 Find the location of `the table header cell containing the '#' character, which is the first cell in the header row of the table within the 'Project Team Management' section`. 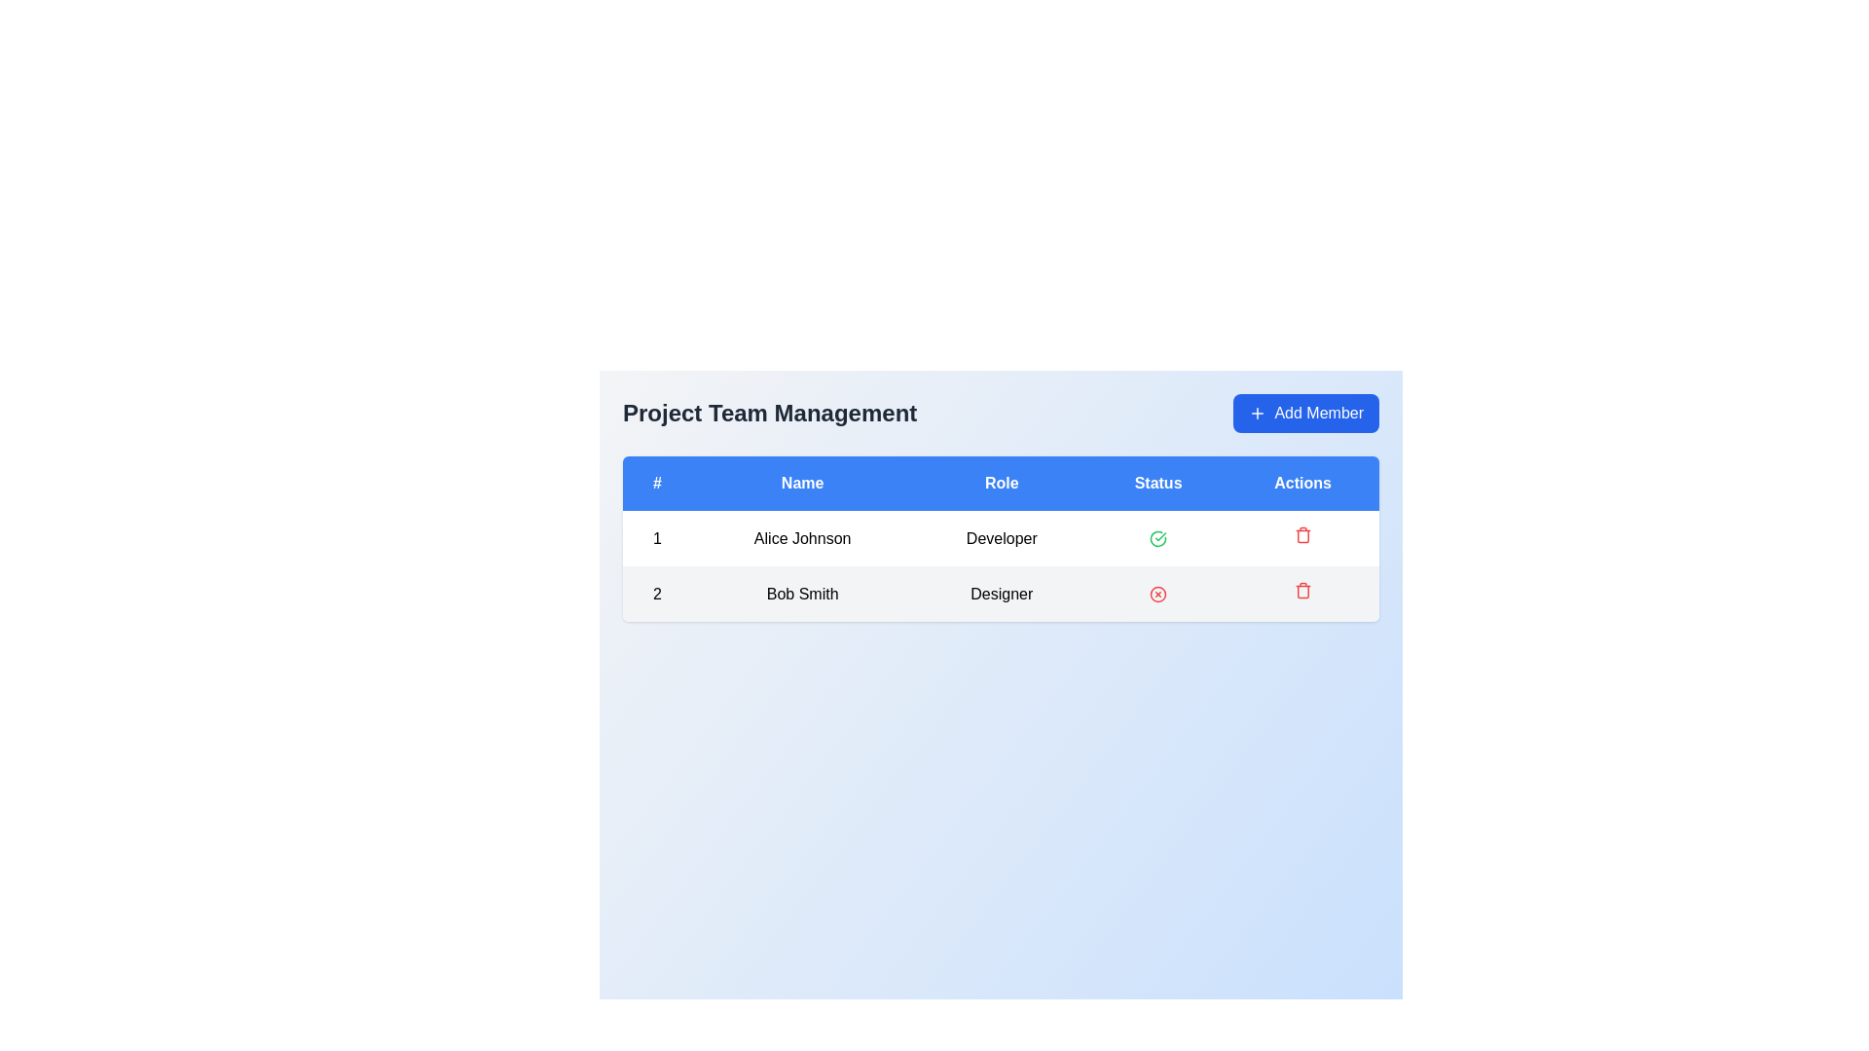

the table header cell containing the '#' character, which is the first cell in the header row of the table within the 'Project Team Management' section is located at coordinates (657, 483).